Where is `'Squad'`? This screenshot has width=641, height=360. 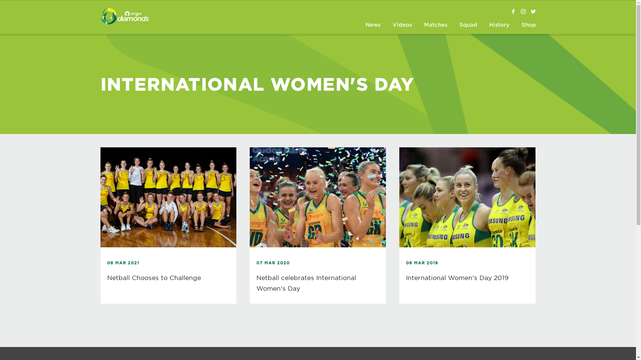 'Squad' is located at coordinates (467, 25).